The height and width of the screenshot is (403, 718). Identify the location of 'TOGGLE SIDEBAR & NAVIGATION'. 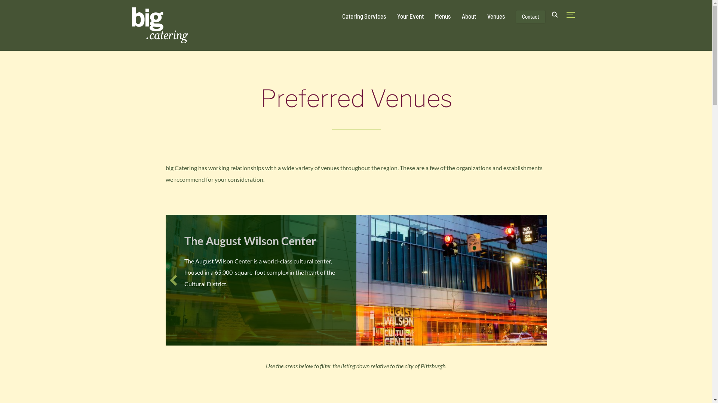
(572, 15).